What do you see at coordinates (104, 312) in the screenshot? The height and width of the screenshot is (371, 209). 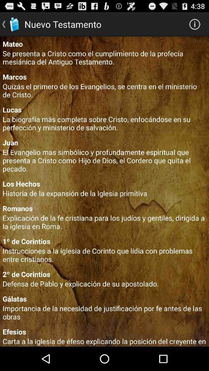 I see `importancia de la` at bounding box center [104, 312].